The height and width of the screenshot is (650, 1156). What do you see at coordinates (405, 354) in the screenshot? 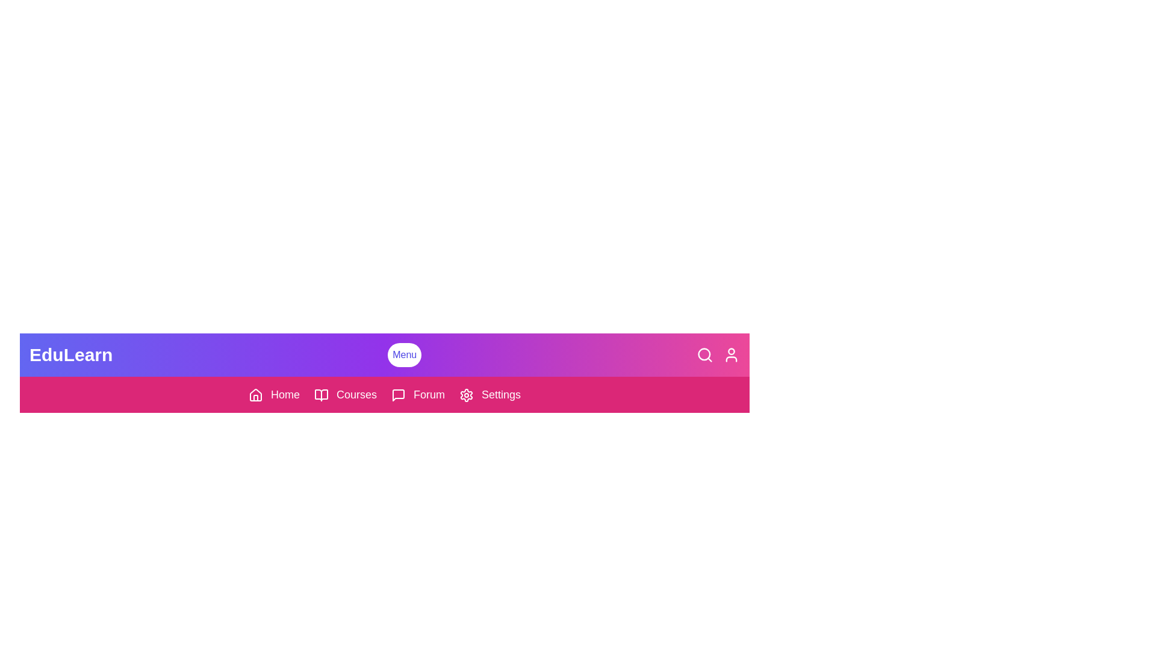
I see `the 'Menu' button to toggle the menu visibility` at bounding box center [405, 354].